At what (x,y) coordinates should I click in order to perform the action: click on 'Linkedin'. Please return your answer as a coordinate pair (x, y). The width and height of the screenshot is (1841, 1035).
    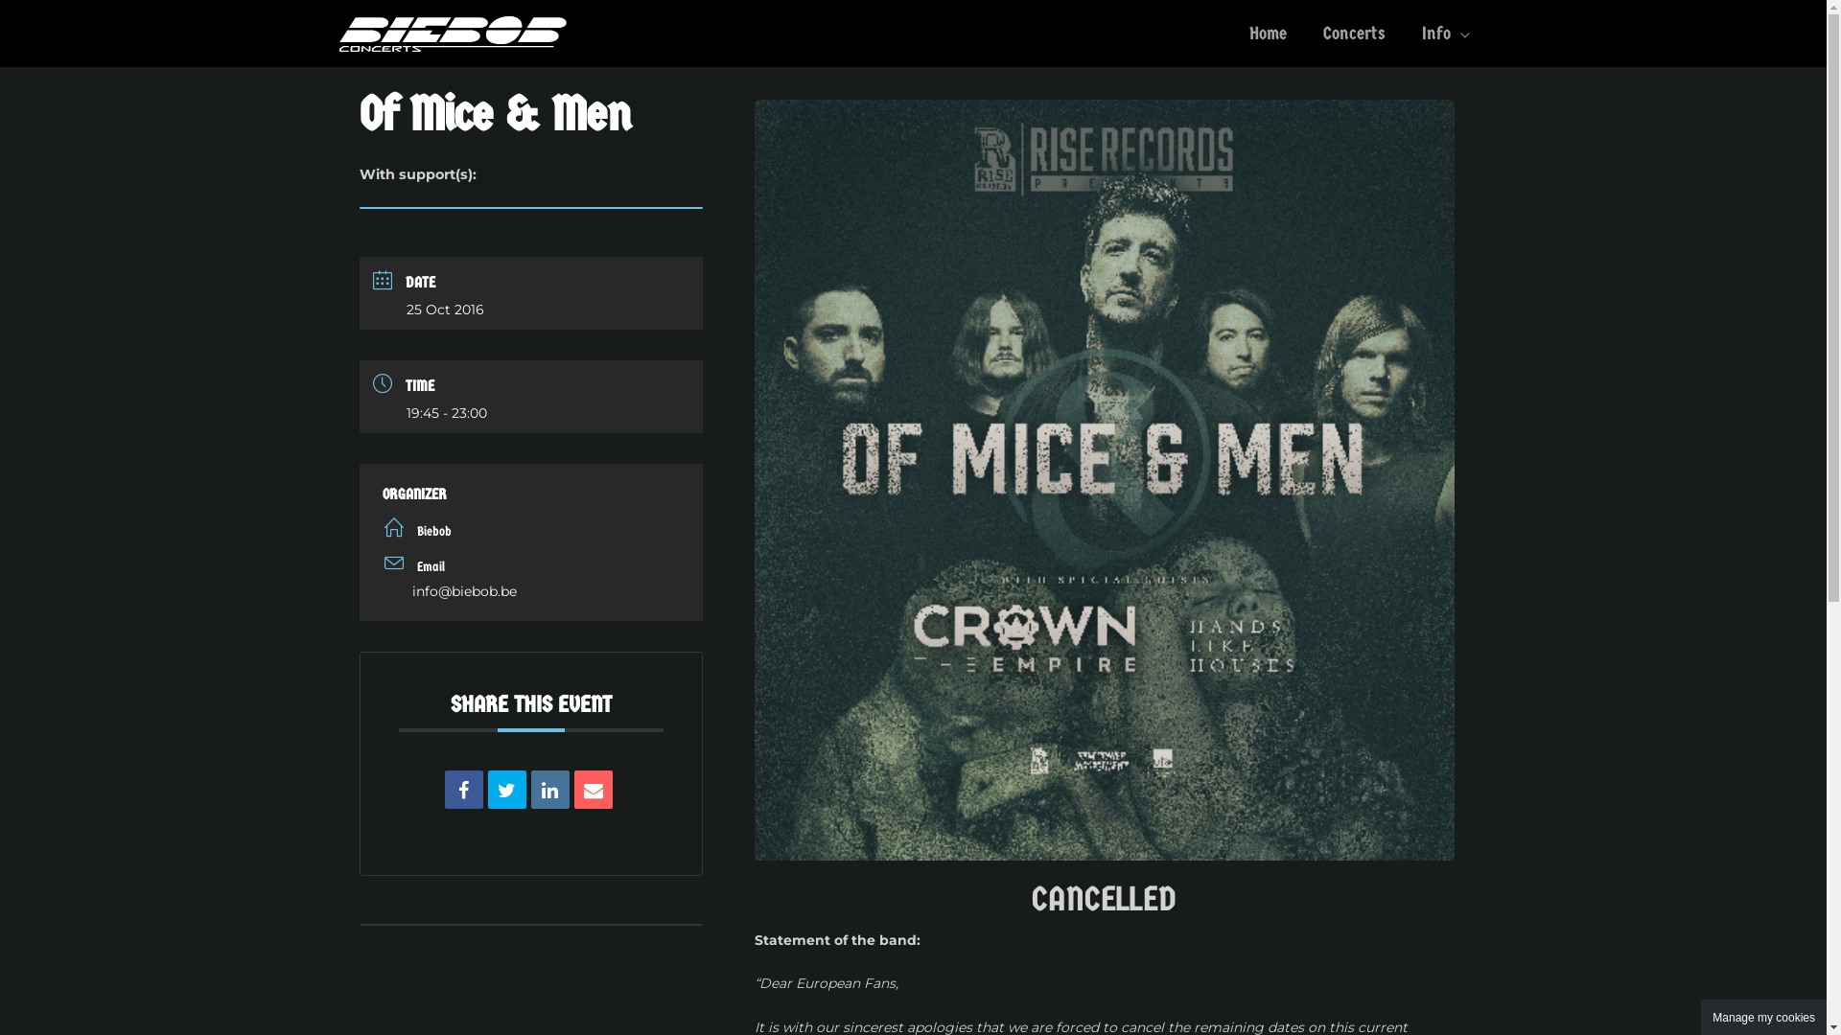
    Looking at the image, I should click on (530, 790).